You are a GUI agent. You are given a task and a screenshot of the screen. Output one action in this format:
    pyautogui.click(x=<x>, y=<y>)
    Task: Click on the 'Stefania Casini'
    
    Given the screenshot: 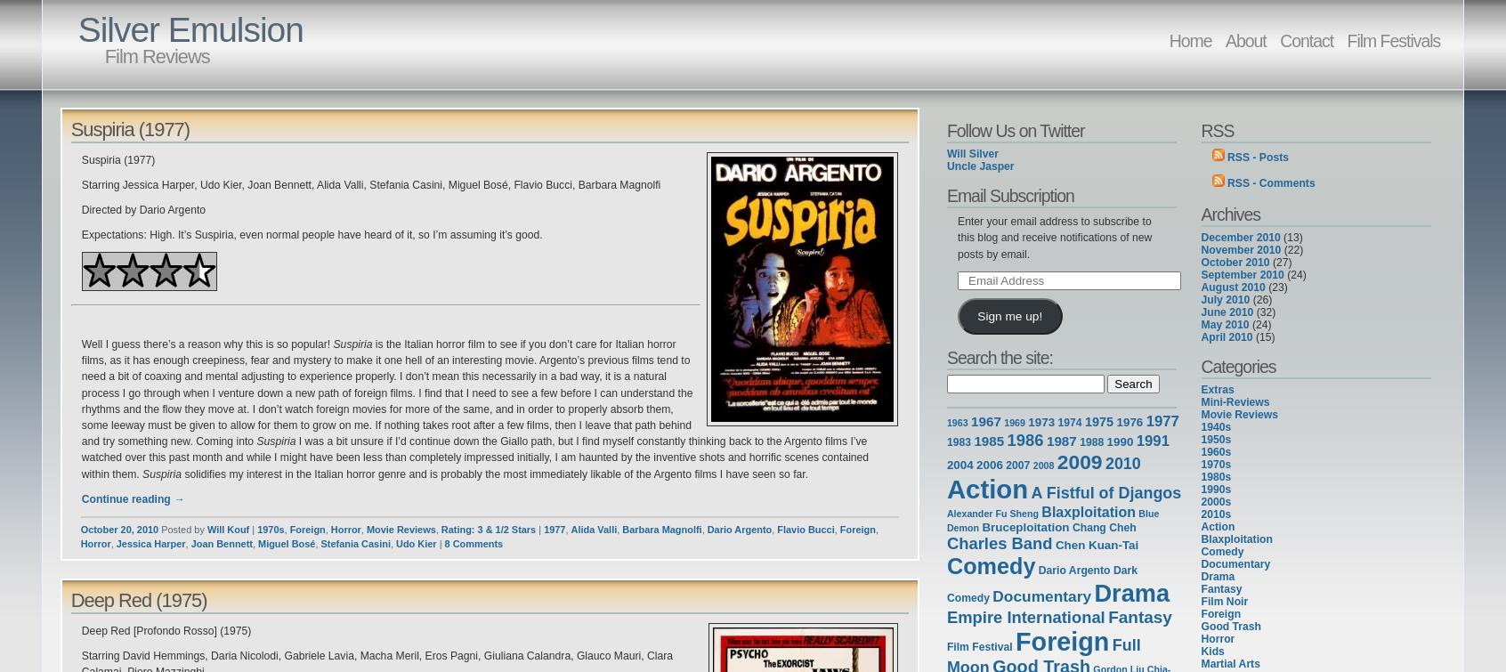 What is the action you would take?
    pyautogui.click(x=354, y=541)
    